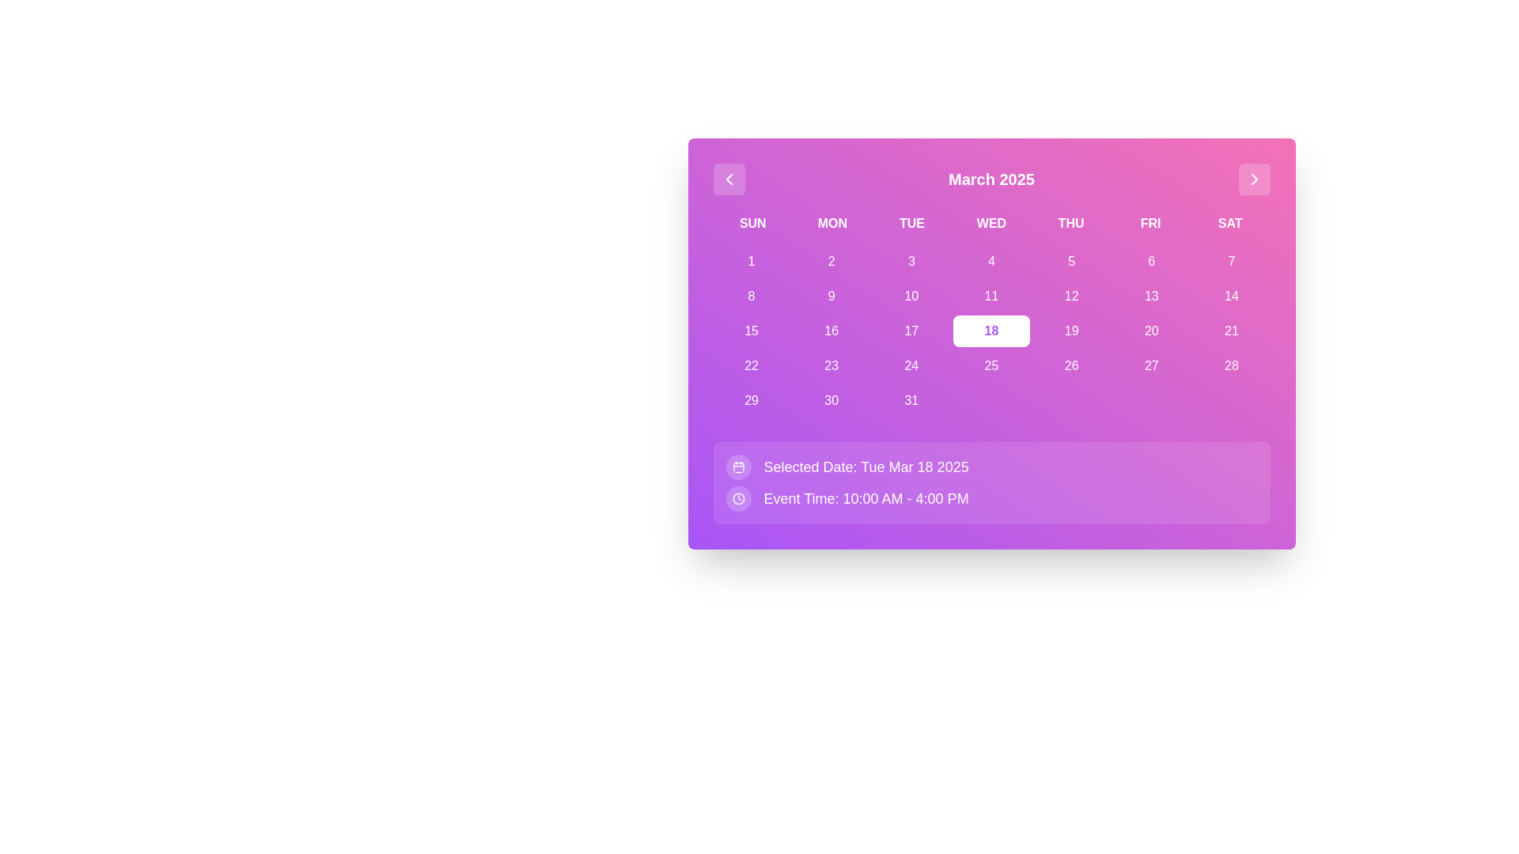 This screenshot has width=1519, height=854. Describe the element at coordinates (751, 365) in the screenshot. I see `the rounded rectangular button labeled '22' in the calendar grid` at that location.